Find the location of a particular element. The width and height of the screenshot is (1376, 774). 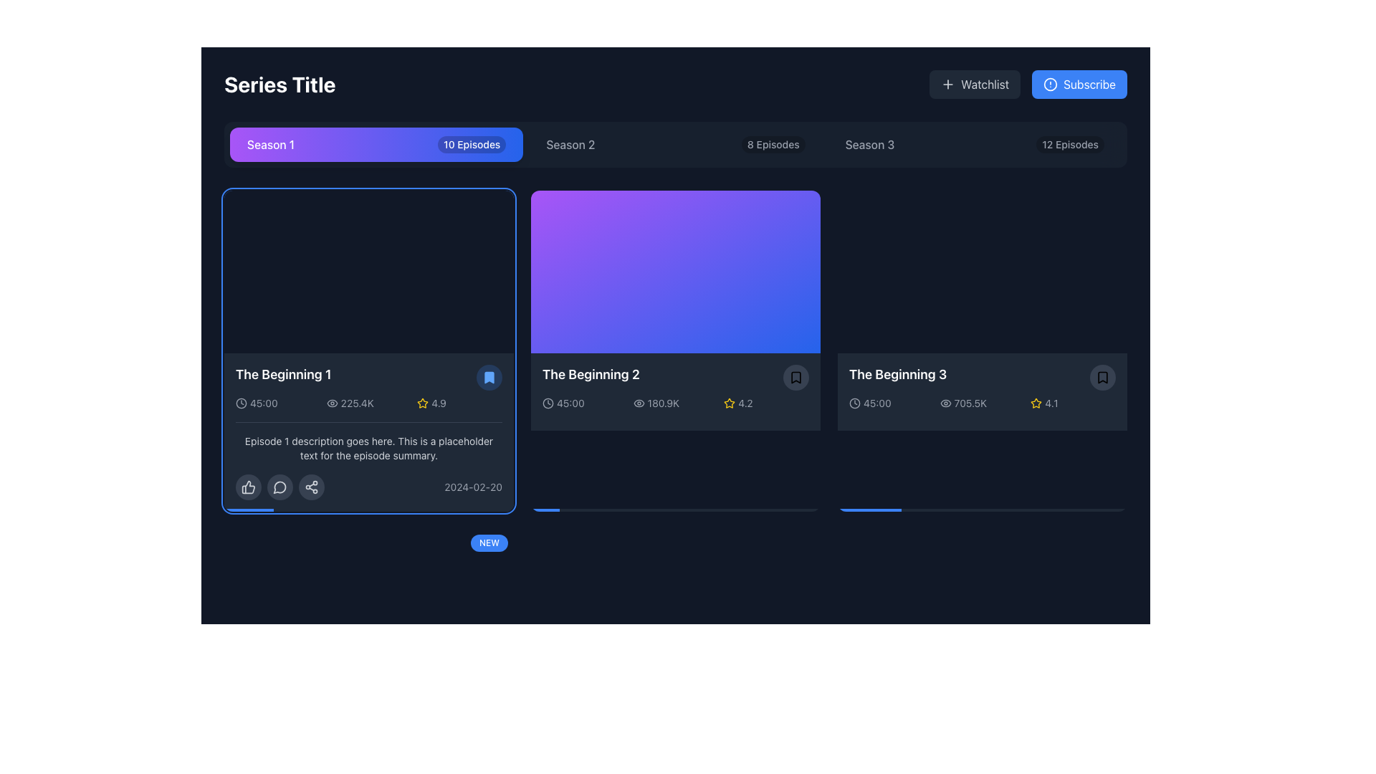

the details displayed in the informational panel located below the card titled 'The Beginning 2', which includes the duration, view count, and rating is located at coordinates (674, 392).